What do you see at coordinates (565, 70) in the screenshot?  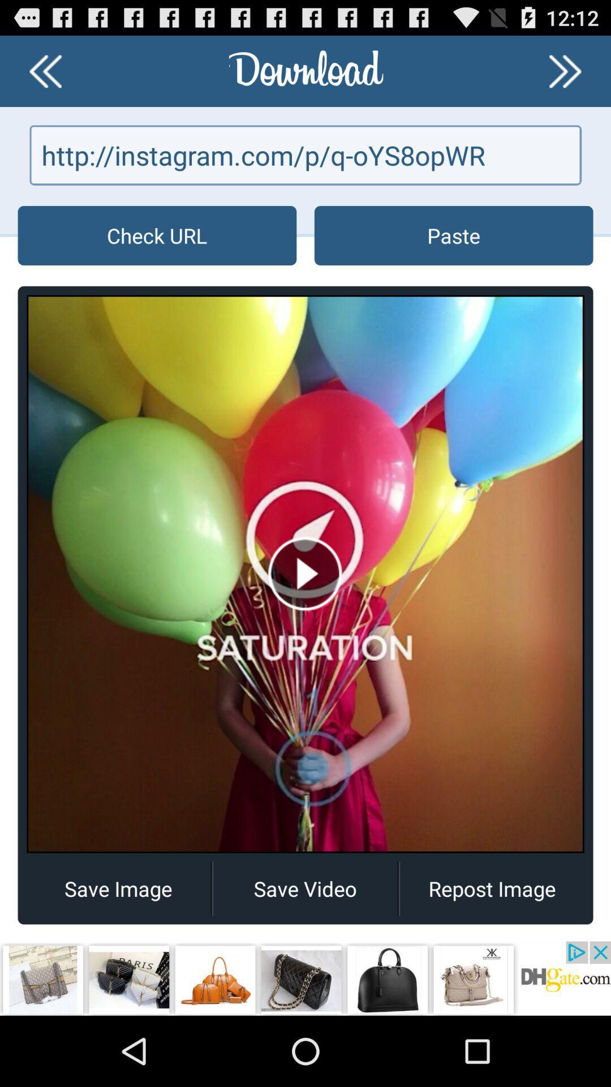 I see `next screen` at bounding box center [565, 70].